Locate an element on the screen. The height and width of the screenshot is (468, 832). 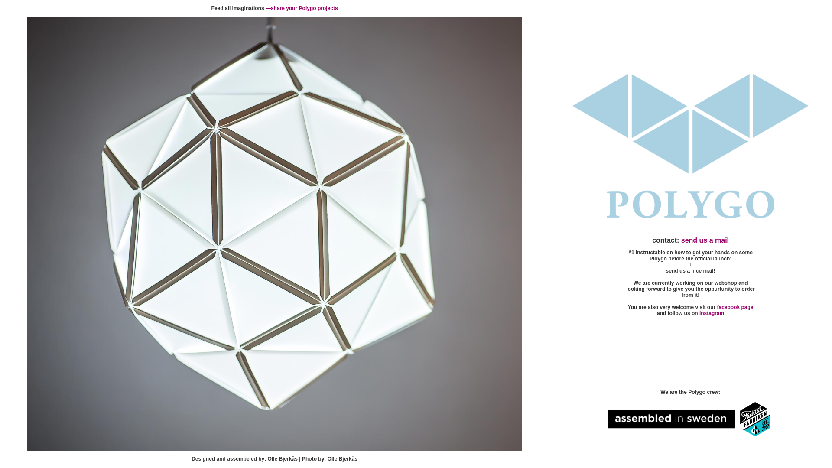
'instagram' is located at coordinates (712, 313).